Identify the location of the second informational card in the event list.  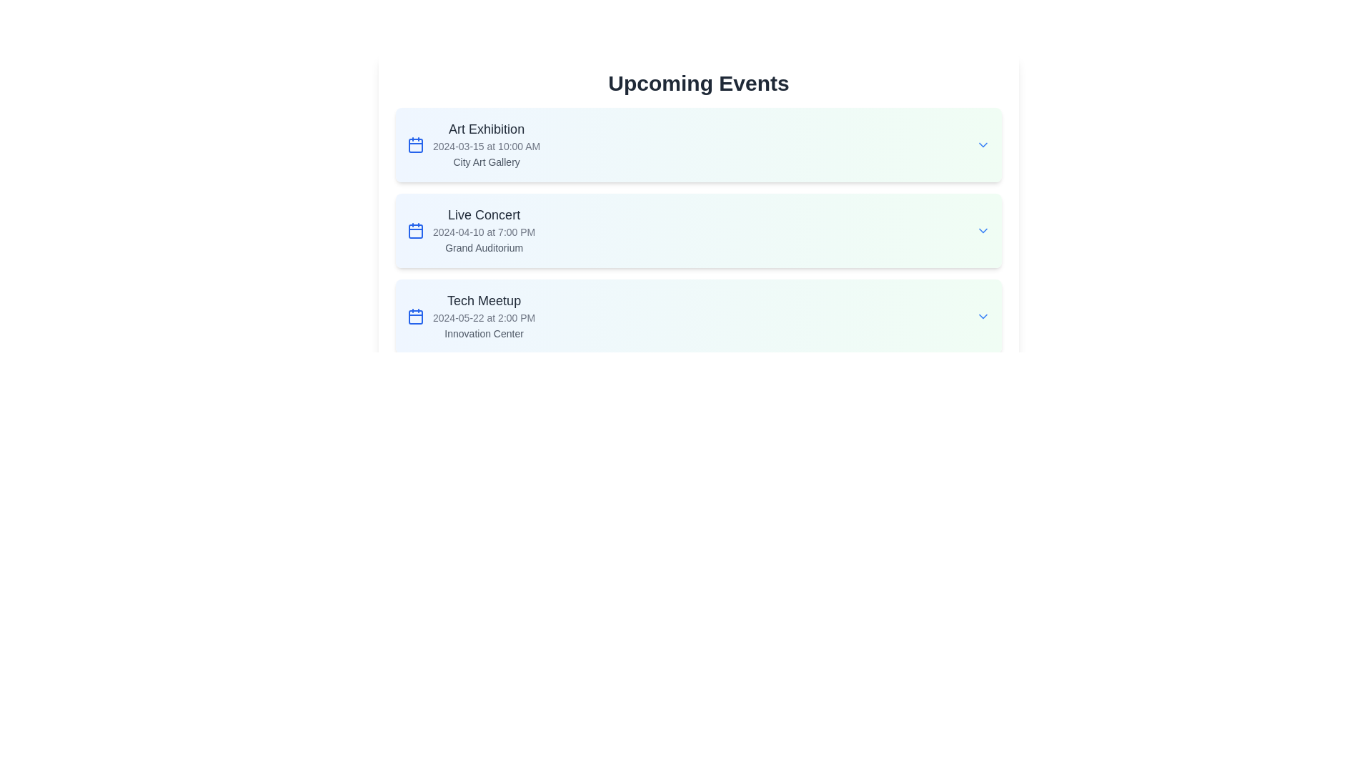
(471, 230).